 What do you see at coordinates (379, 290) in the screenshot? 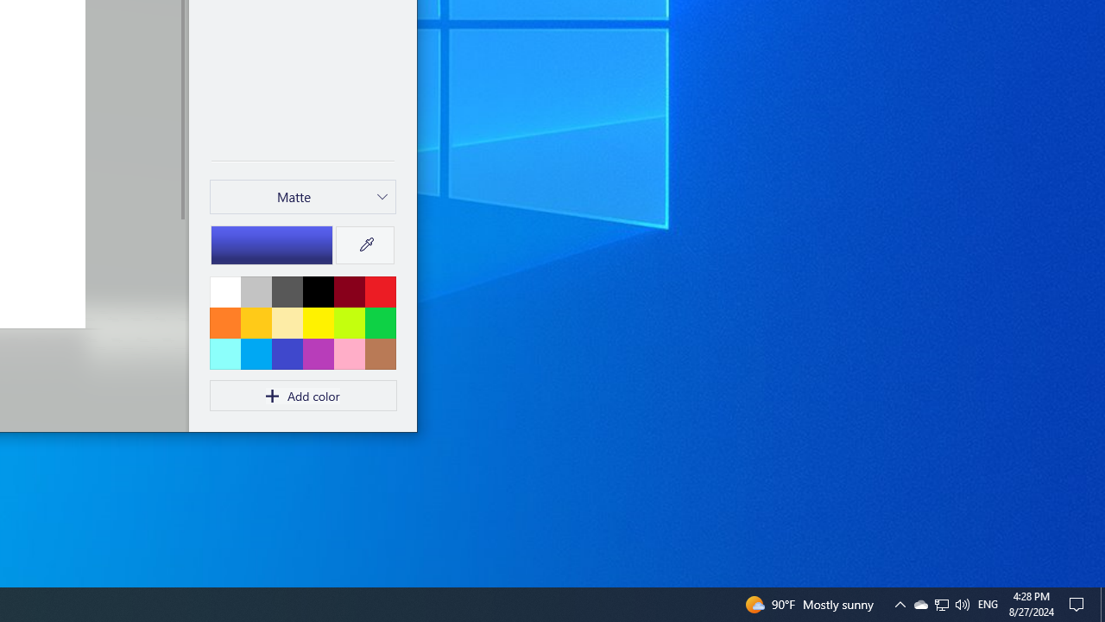
I see `'Red'` at bounding box center [379, 290].